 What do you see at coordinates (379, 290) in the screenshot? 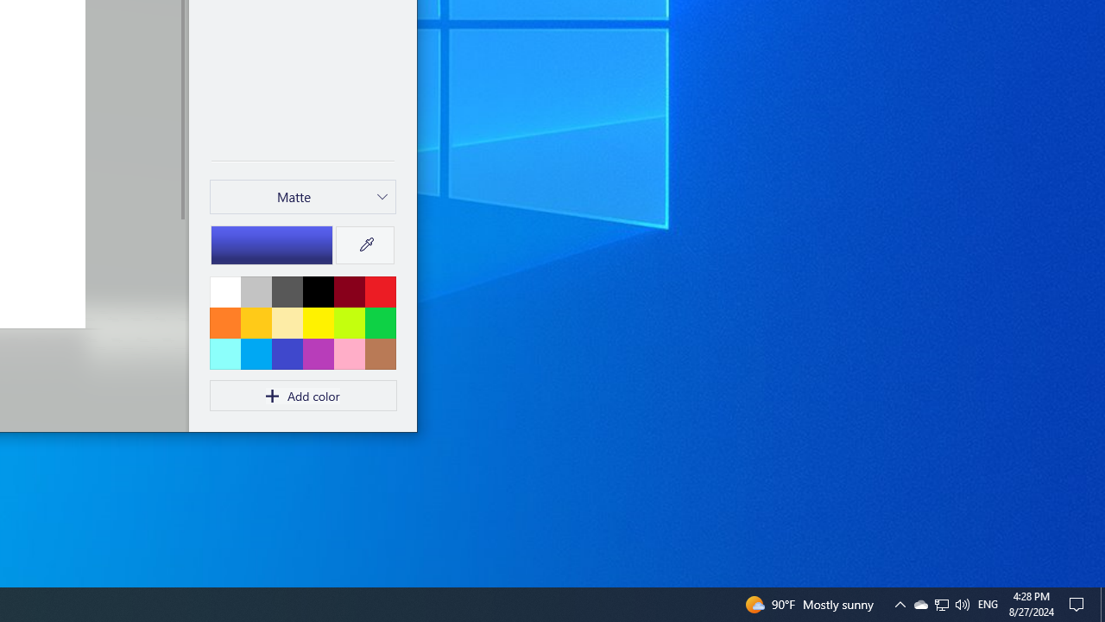
I see `'Red'` at bounding box center [379, 290].